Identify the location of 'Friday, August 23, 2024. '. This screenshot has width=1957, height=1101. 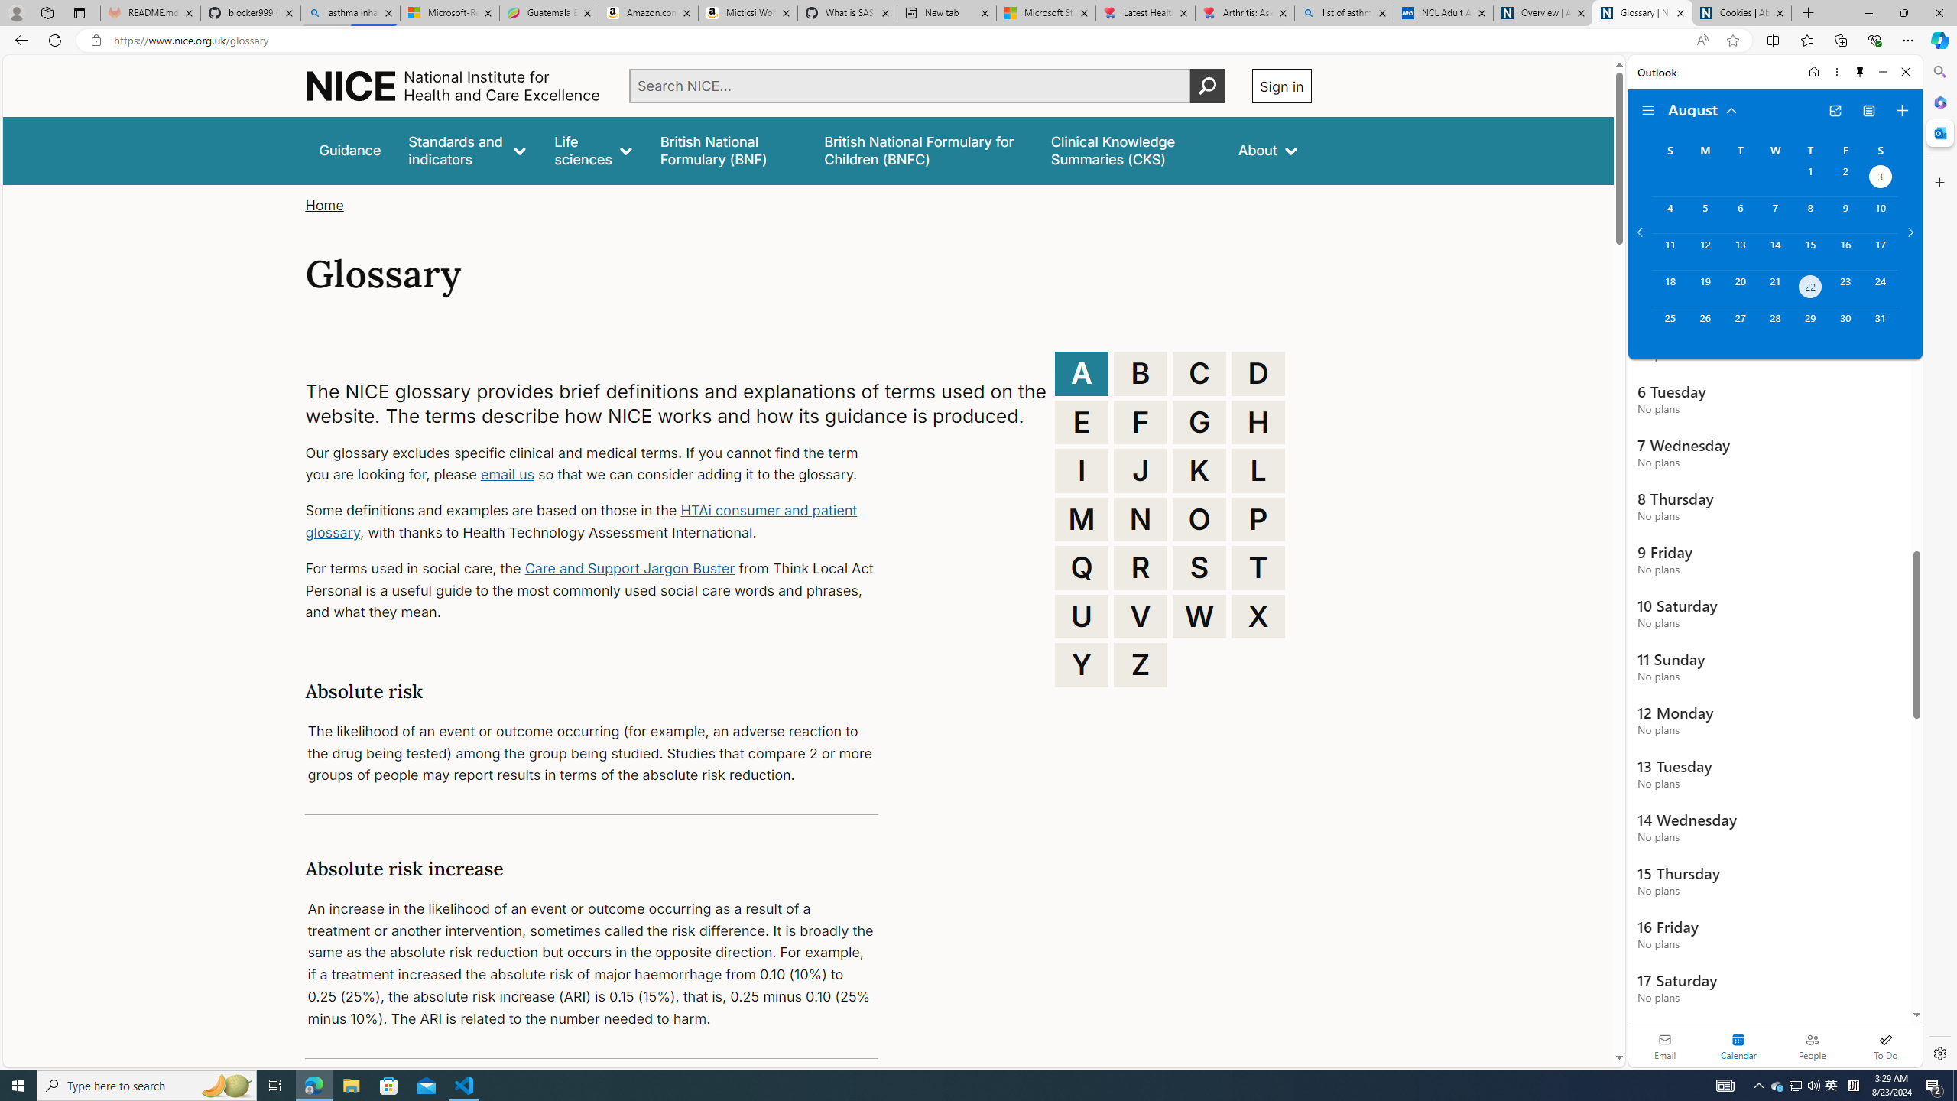
(1845, 287).